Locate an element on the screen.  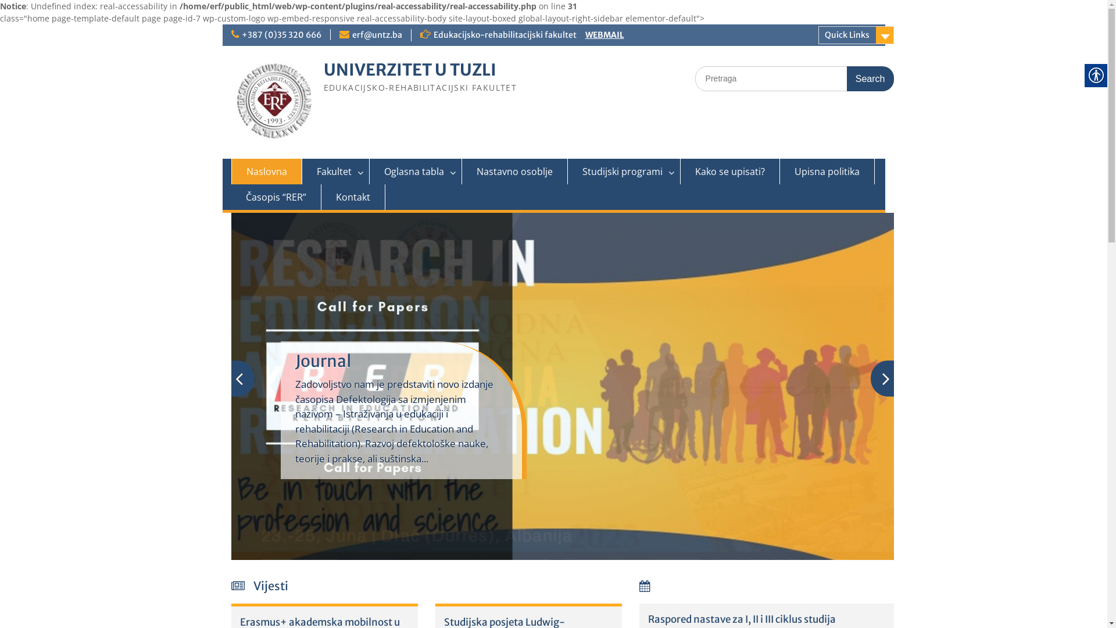
'Naslovna' is located at coordinates (266, 171).